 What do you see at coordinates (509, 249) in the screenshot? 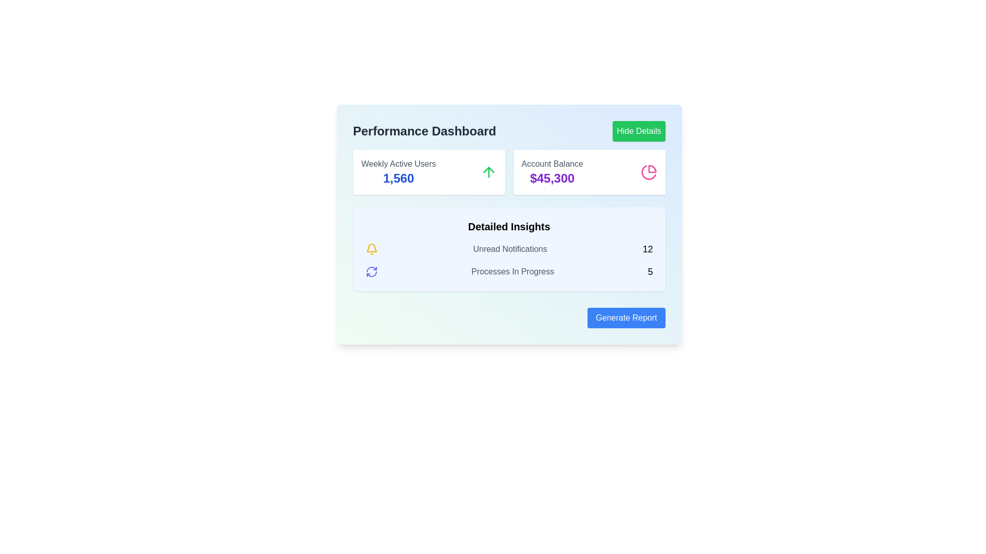
I see `the Informational row that indicates the number of unread notifications (12) in the 'Detailed Insights' section of the dashboard` at bounding box center [509, 249].